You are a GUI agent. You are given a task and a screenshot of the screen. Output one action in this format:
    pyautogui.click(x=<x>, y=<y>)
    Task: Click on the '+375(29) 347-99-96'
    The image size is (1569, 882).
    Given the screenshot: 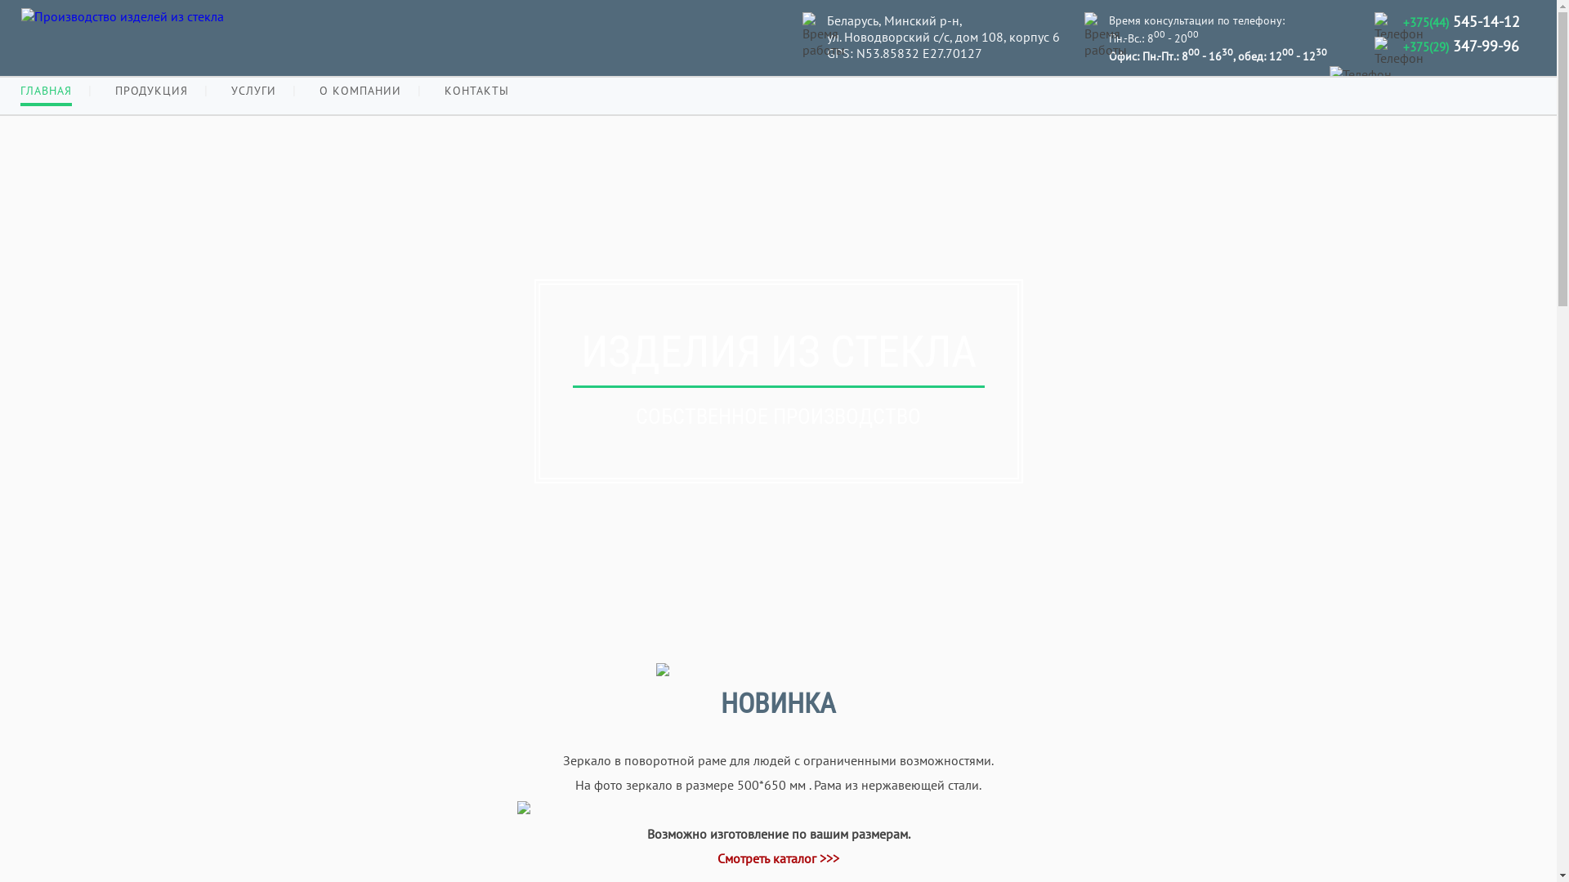 What is the action you would take?
    pyautogui.click(x=1461, y=45)
    